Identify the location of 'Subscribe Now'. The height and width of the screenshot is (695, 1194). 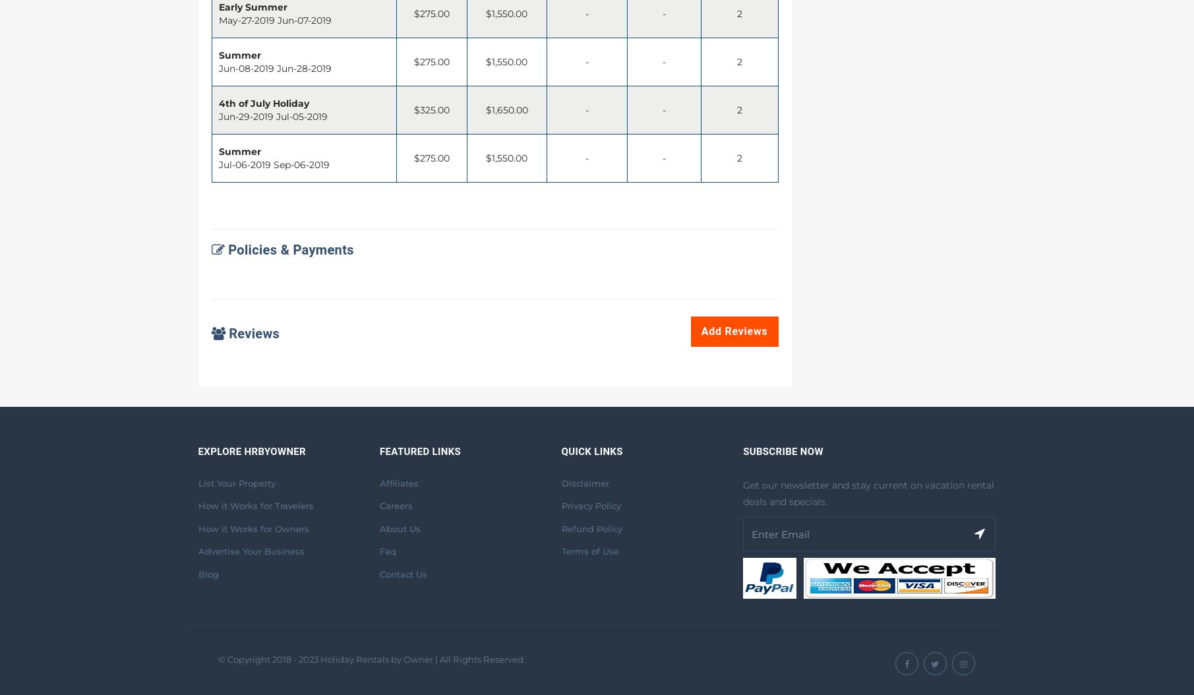
(782, 451).